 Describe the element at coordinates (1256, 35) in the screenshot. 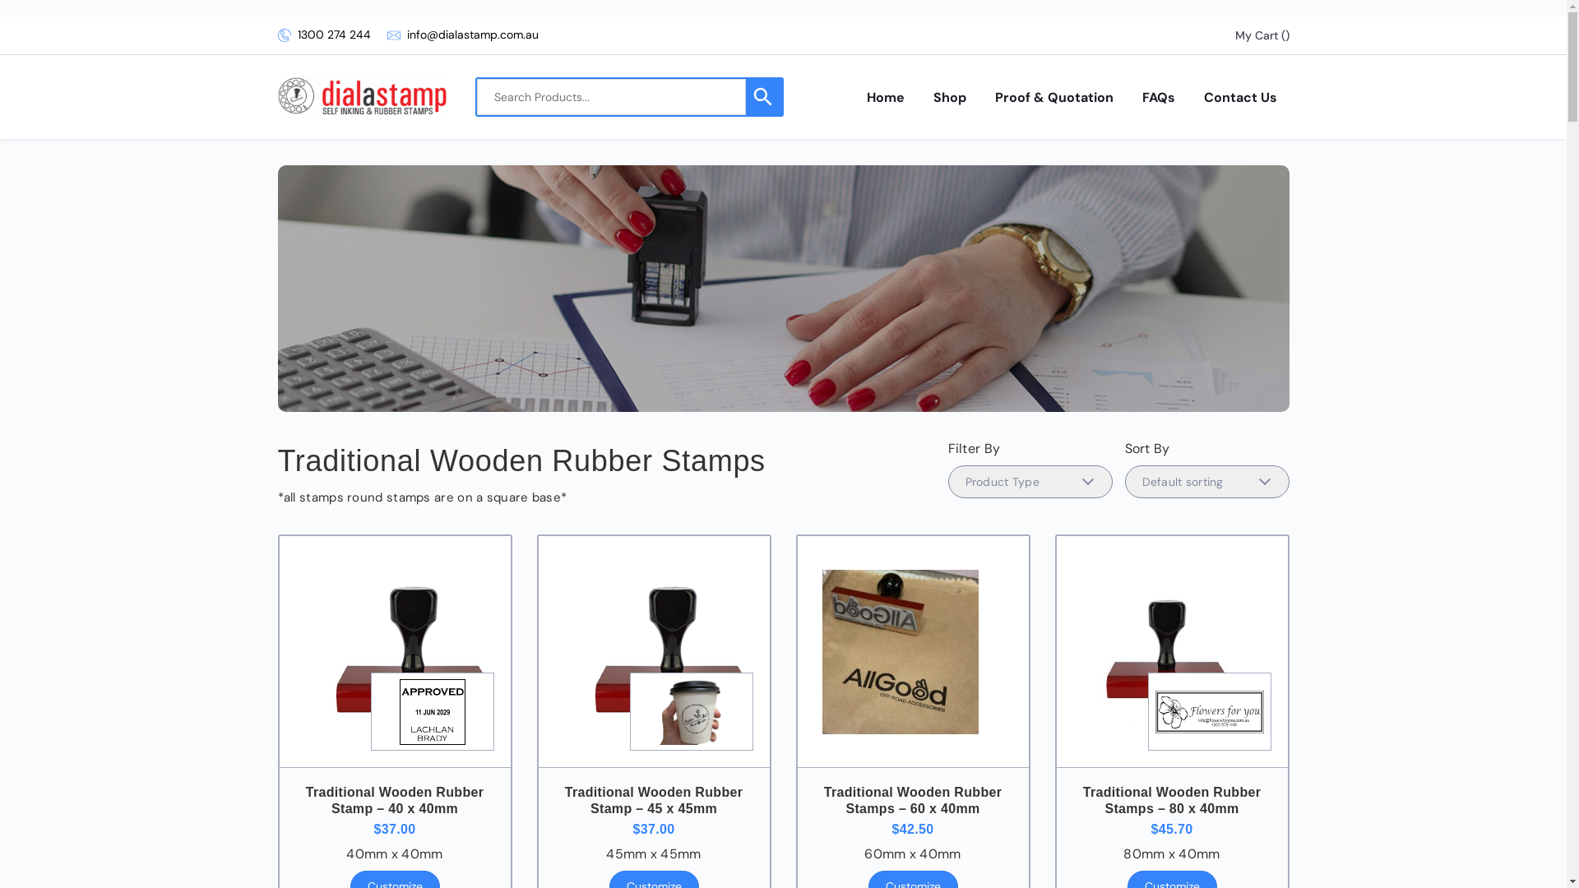

I see `'My Cart'` at that location.